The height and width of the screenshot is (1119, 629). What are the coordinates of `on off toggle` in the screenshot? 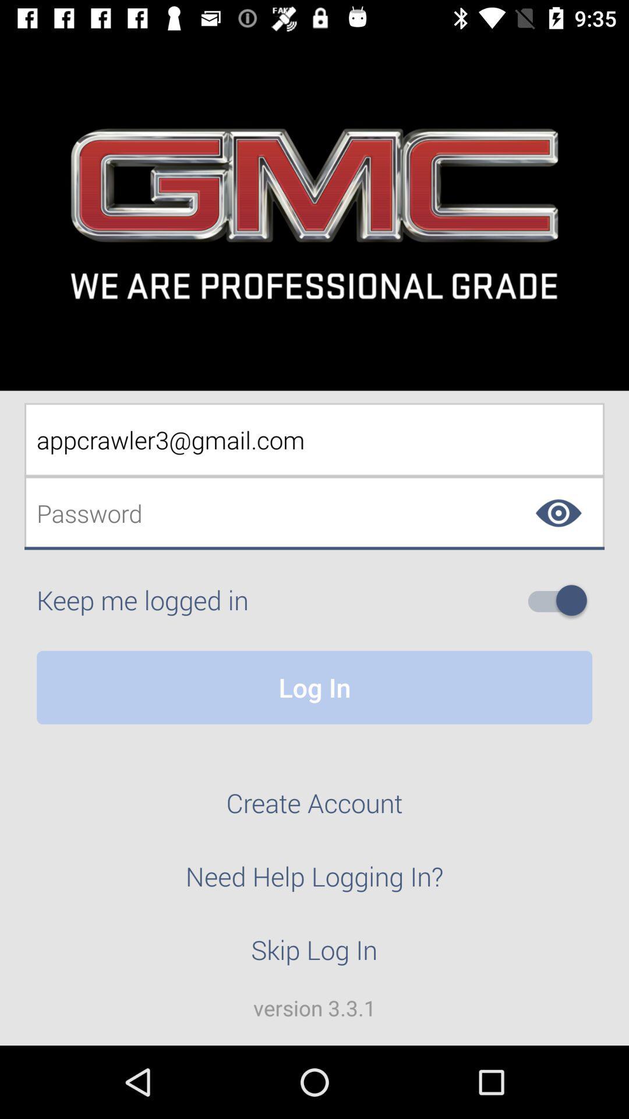 It's located at (561, 600).